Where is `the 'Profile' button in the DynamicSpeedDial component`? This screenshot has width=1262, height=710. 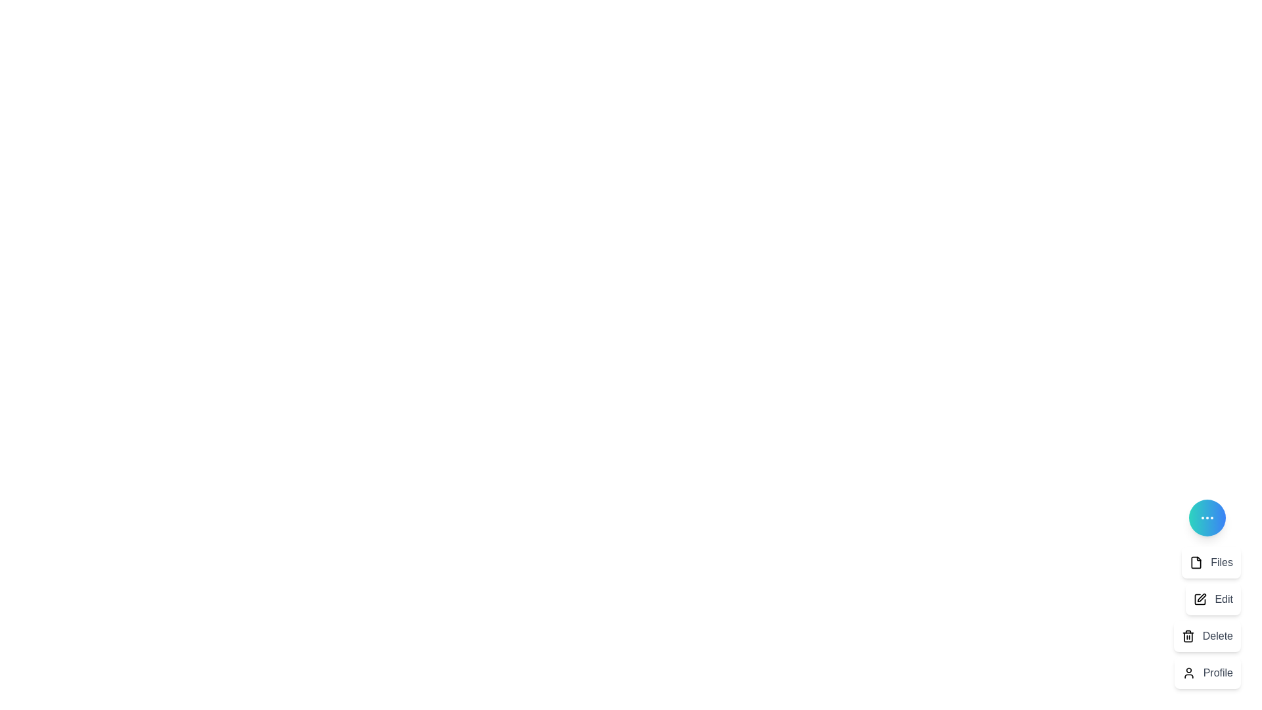
the 'Profile' button in the DynamicSpeedDial component is located at coordinates (1207, 673).